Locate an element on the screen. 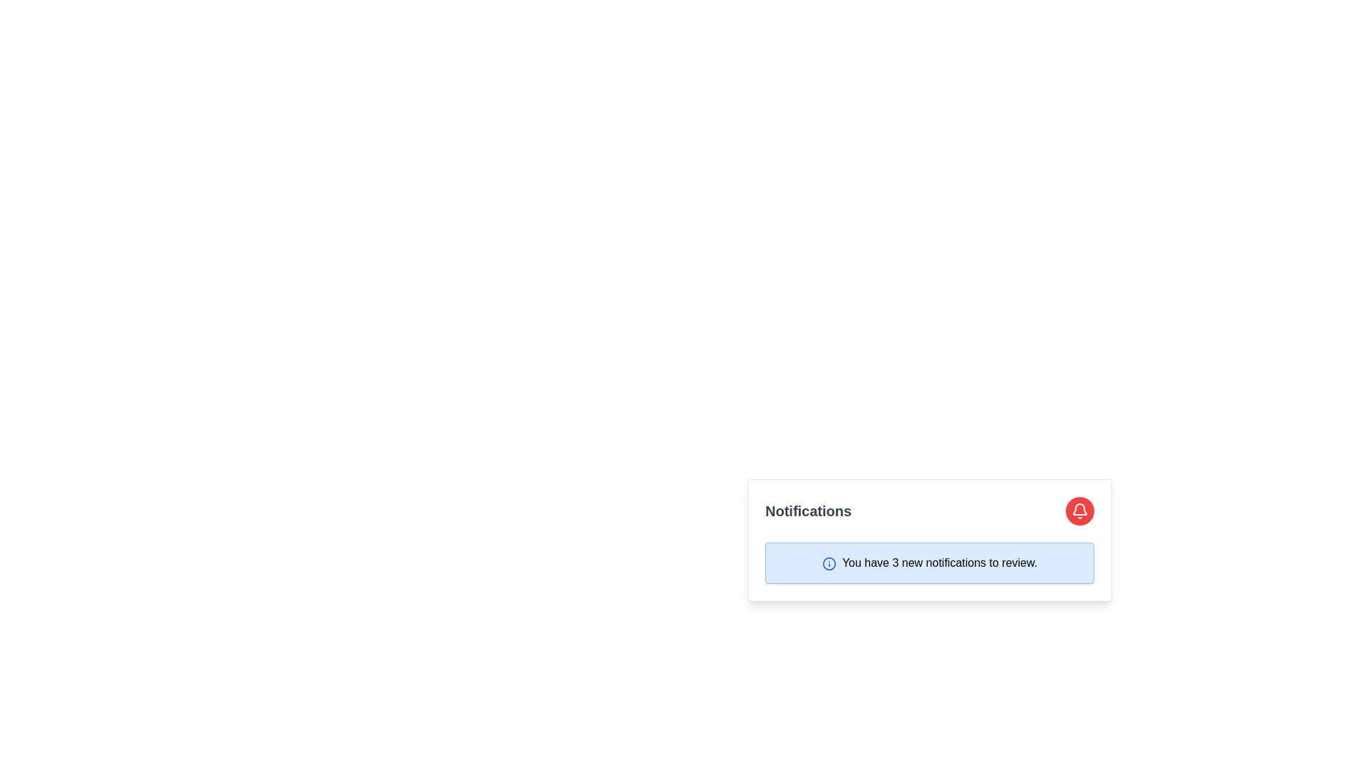  the blue circular informational icon located to the left of the text 'You have 3 new notifications to review.' is located at coordinates (829, 563).